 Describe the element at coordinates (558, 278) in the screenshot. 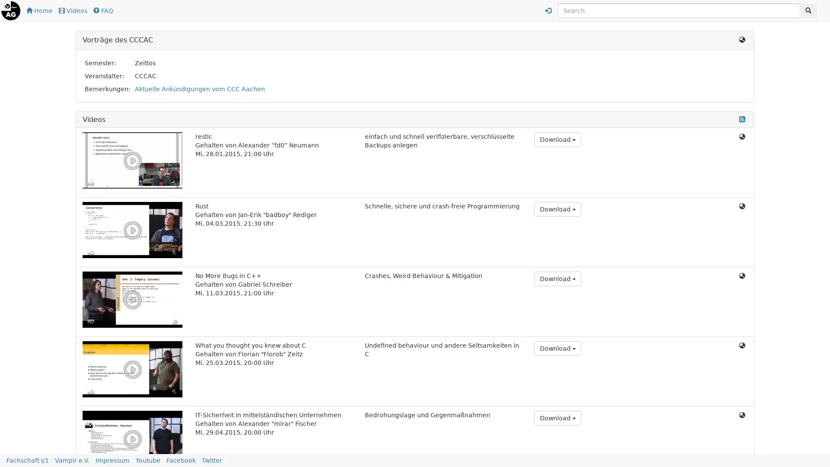

I see `Download` at that location.